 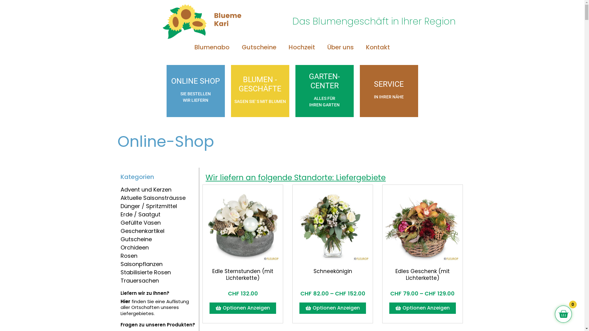 What do you see at coordinates (378, 47) in the screenshot?
I see `'Kontakt'` at bounding box center [378, 47].